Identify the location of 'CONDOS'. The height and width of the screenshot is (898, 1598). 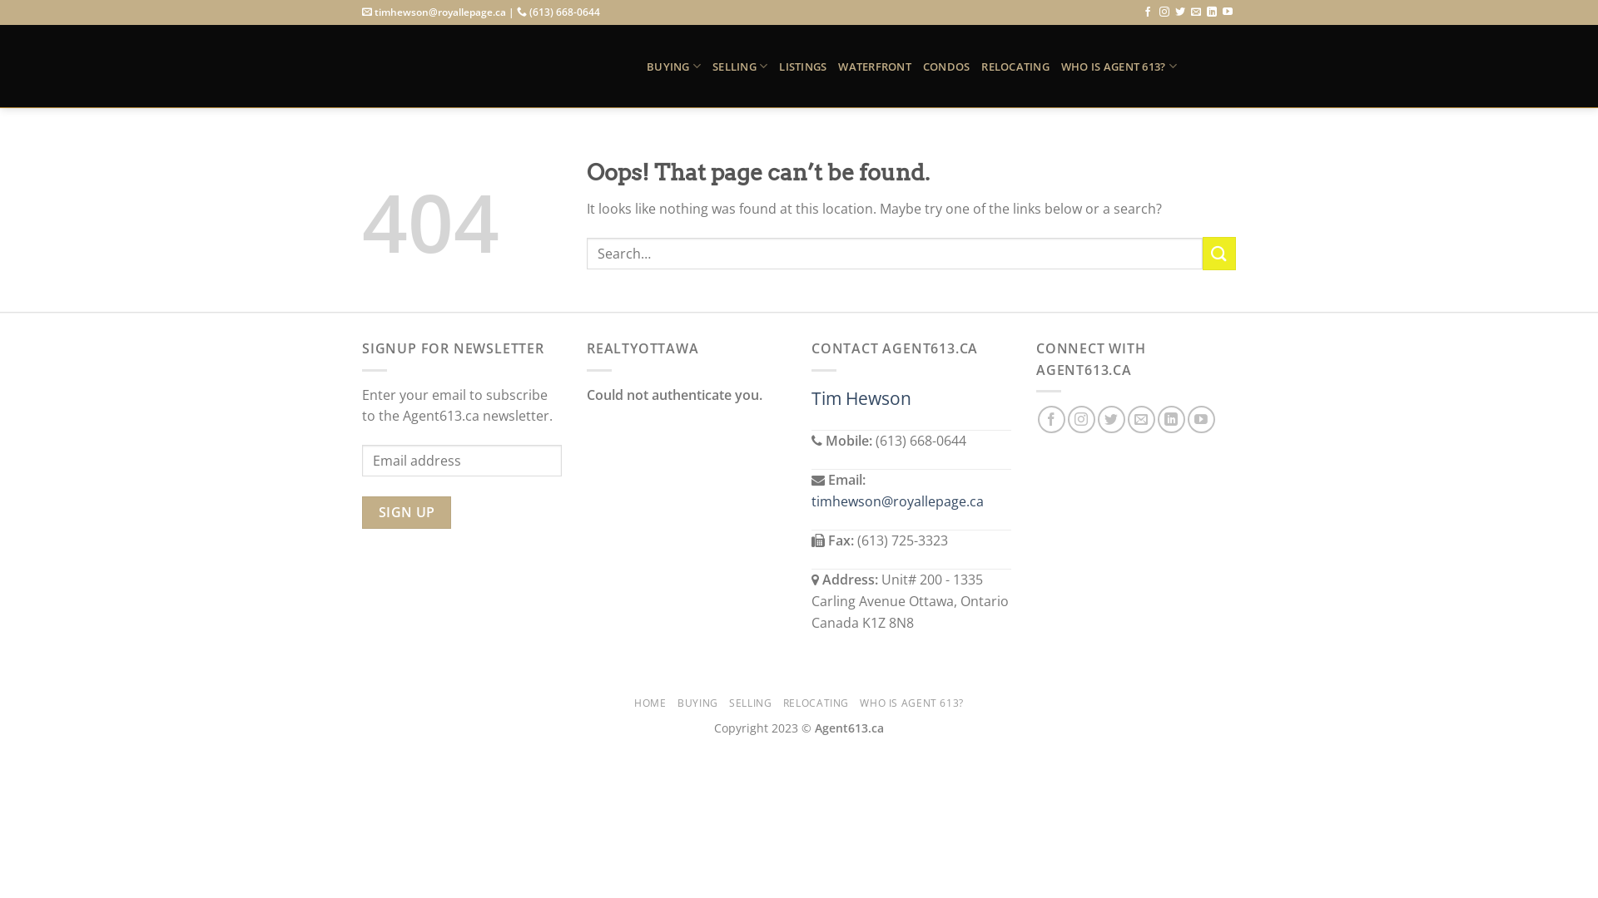
(946, 66).